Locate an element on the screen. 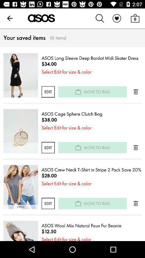 The image size is (145, 258). the icon left to move to bag in third row is located at coordinates (78, 203).